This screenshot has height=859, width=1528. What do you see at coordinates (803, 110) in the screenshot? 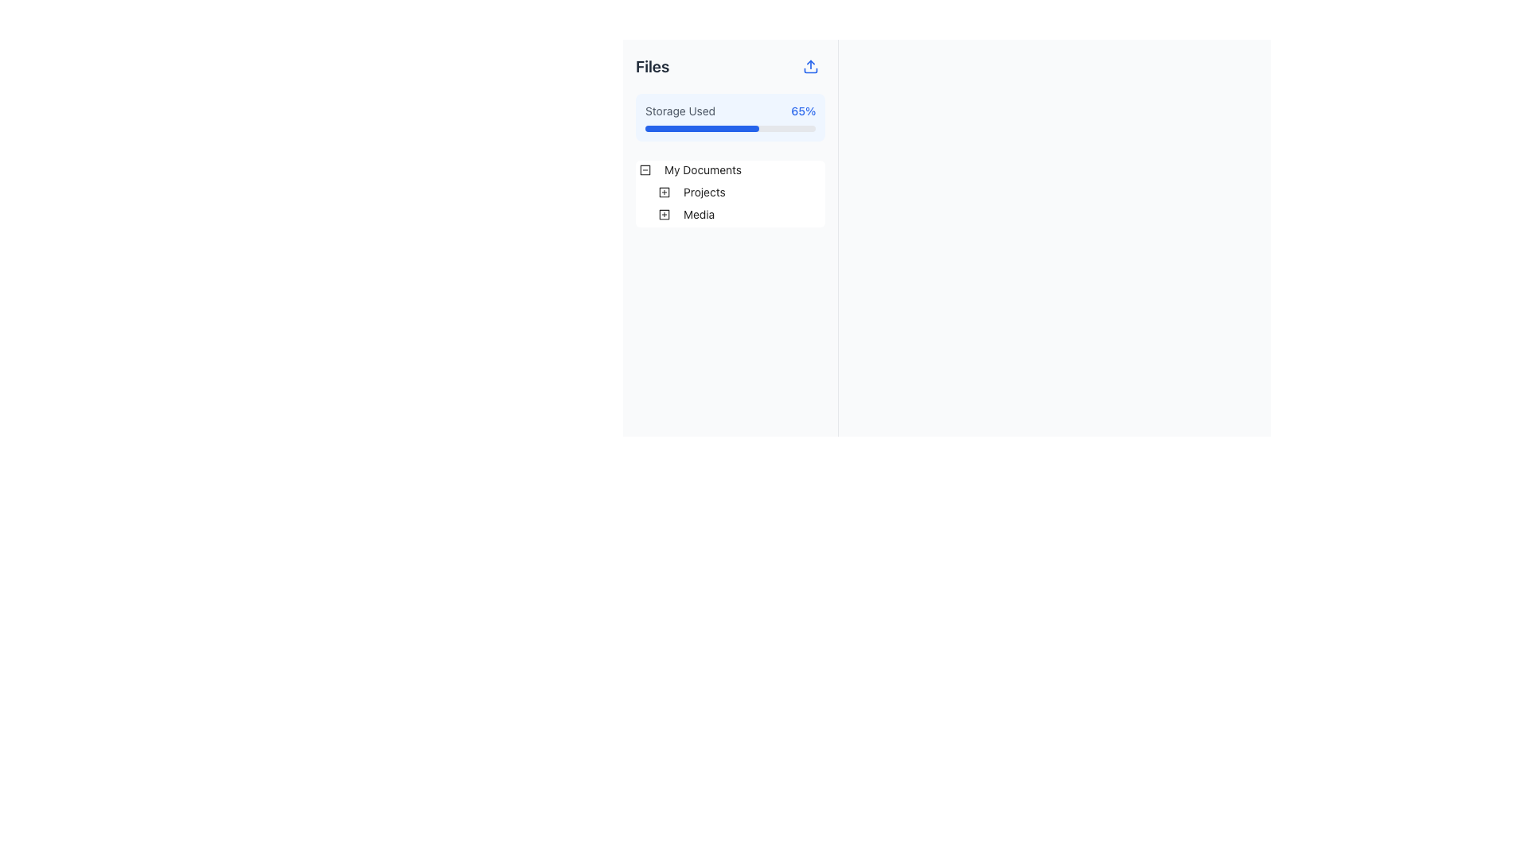
I see `the text label displaying '65%' that is styled with a medium font weight and blue color, located next to the progress bar and aligned with the text 'Storage Used'` at bounding box center [803, 110].